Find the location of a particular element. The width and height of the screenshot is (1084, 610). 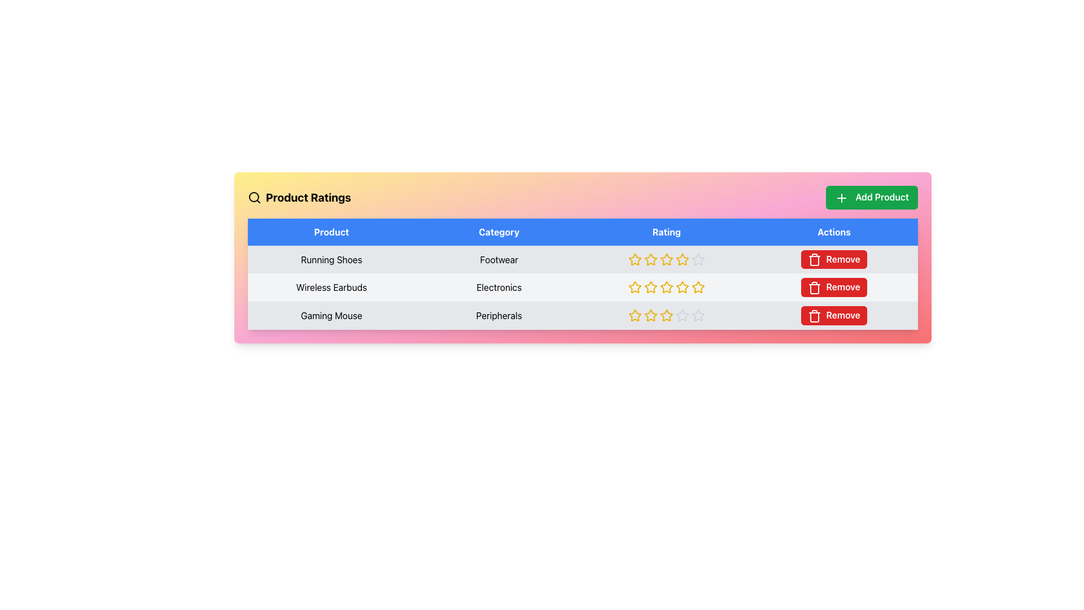

the 'Rating' column header in the table, which identifies the content of the ratings for the respective products is located at coordinates (666, 231).